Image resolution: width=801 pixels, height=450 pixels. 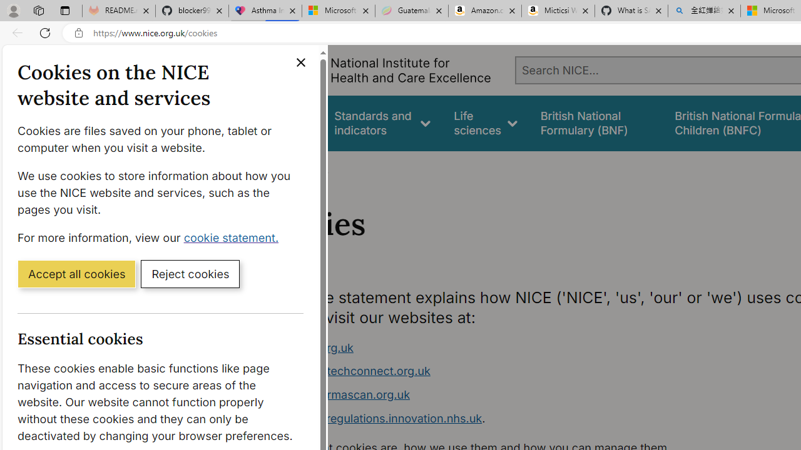 What do you see at coordinates (286, 123) in the screenshot?
I see `'Guidance'` at bounding box center [286, 123].